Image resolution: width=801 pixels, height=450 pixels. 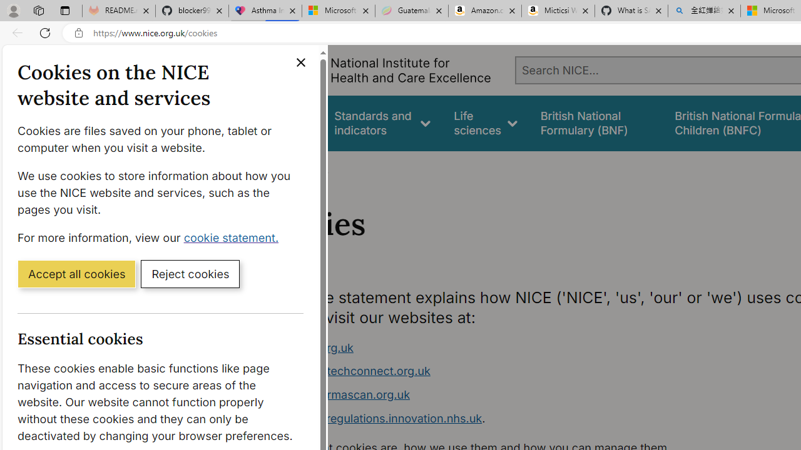 What do you see at coordinates (286, 123) in the screenshot?
I see `'Guidance'` at bounding box center [286, 123].